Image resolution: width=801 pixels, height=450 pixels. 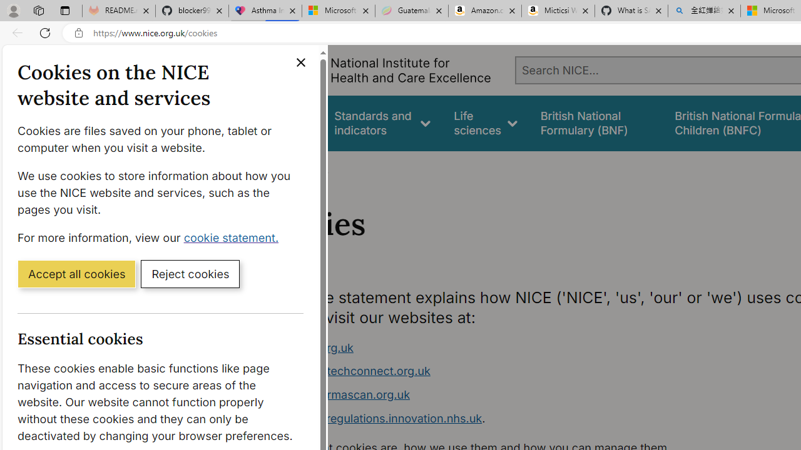 What do you see at coordinates (286, 123) in the screenshot?
I see `'Guidance'` at bounding box center [286, 123].